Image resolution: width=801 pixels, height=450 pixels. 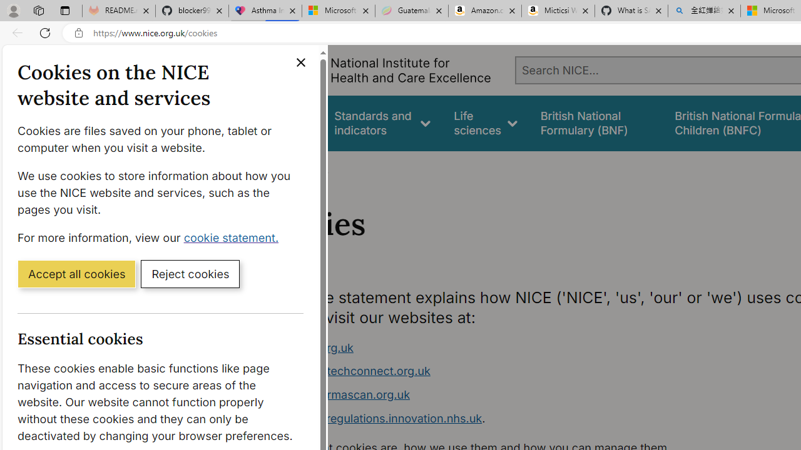 What do you see at coordinates (286, 123) in the screenshot?
I see `'Guidance'` at bounding box center [286, 123].